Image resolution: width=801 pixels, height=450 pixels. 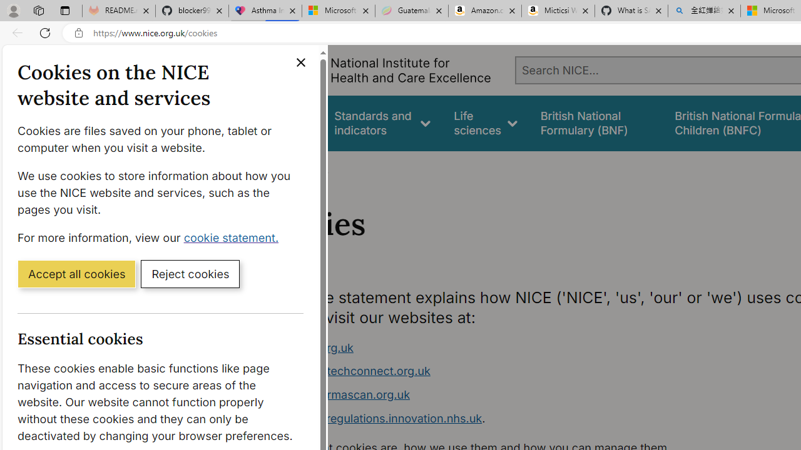 What do you see at coordinates (286, 123) in the screenshot?
I see `'Guidance'` at bounding box center [286, 123].